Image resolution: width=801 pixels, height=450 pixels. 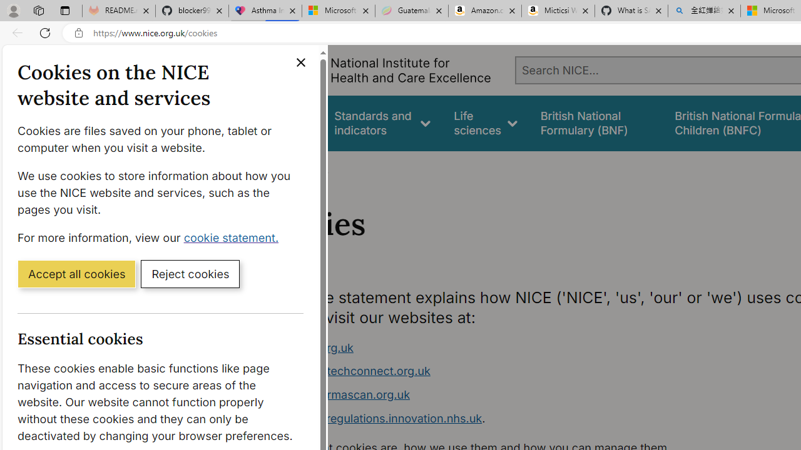 What do you see at coordinates (286, 123) in the screenshot?
I see `'Guidance'` at bounding box center [286, 123].